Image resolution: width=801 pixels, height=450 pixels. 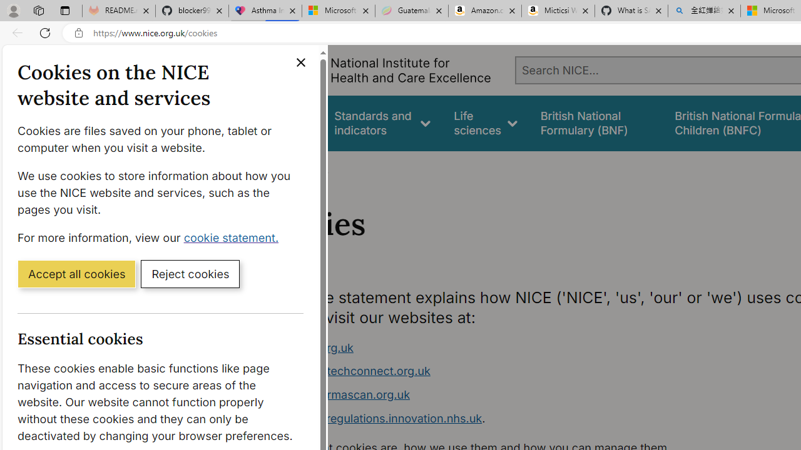 What do you see at coordinates (286, 123) in the screenshot?
I see `'Guidance'` at bounding box center [286, 123].